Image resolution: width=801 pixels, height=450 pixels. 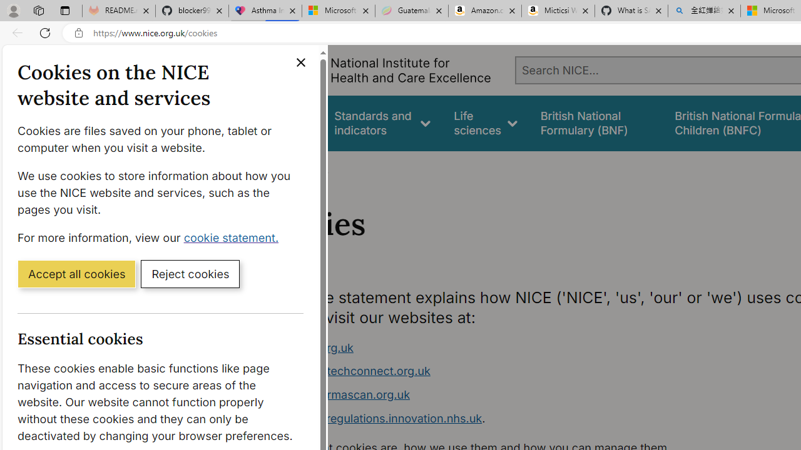 What do you see at coordinates (286, 123) in the screenshot?
I see `'Guidance'` at bounding box center [286, 123].